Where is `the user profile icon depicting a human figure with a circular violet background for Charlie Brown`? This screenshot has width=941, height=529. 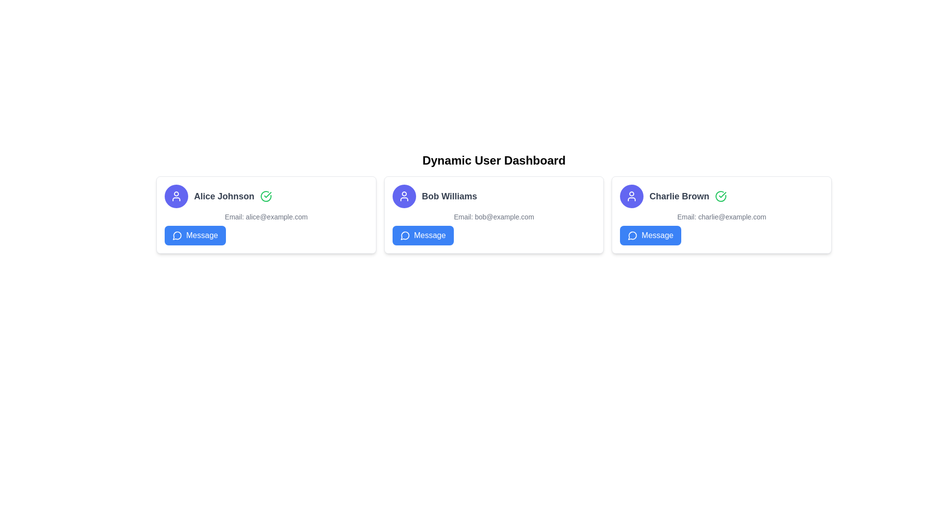
the user profile icon depicting a human figure with a circular violet background for Charlie Brown is located at coordinates (404, 196).